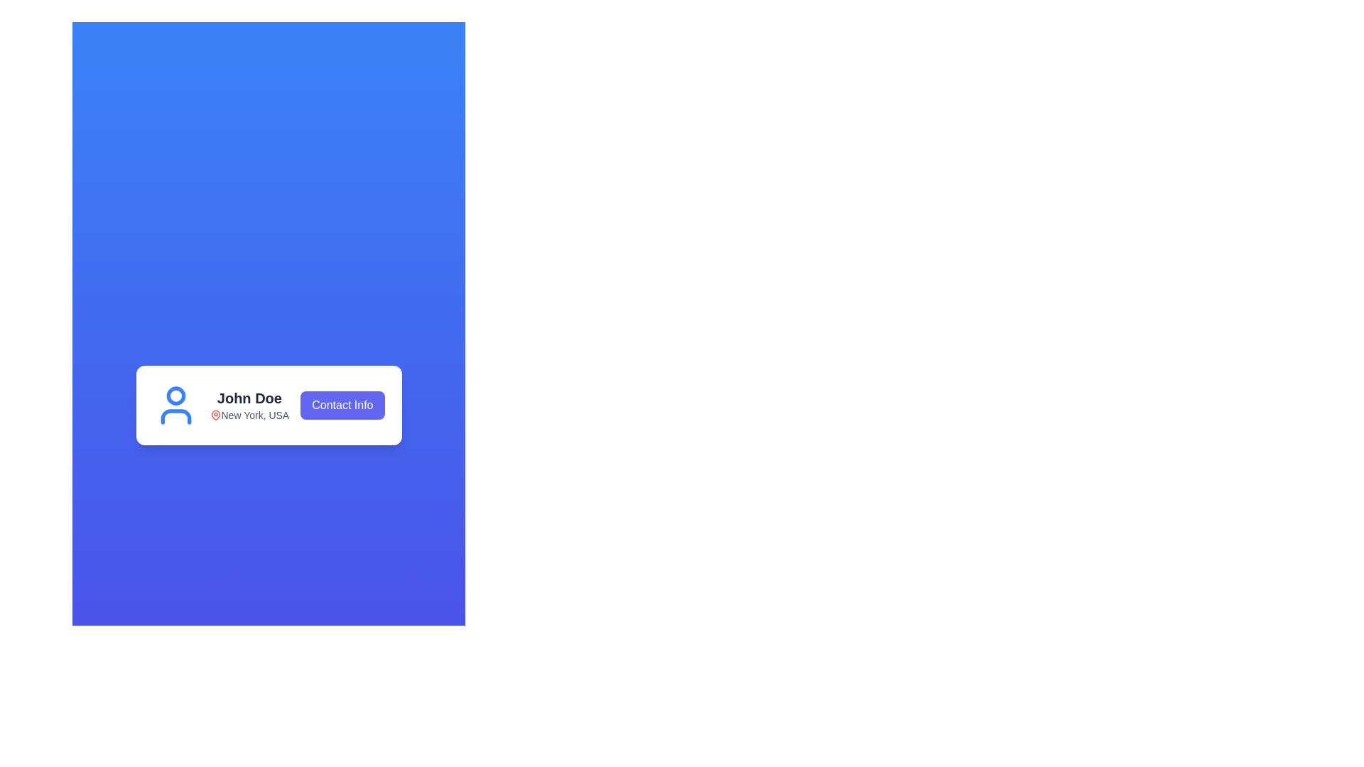  I want to click on the red map pin icon next to the text 'New York, USA' which is aligned horizontally with the name 'John Doe', so click(215, 415).